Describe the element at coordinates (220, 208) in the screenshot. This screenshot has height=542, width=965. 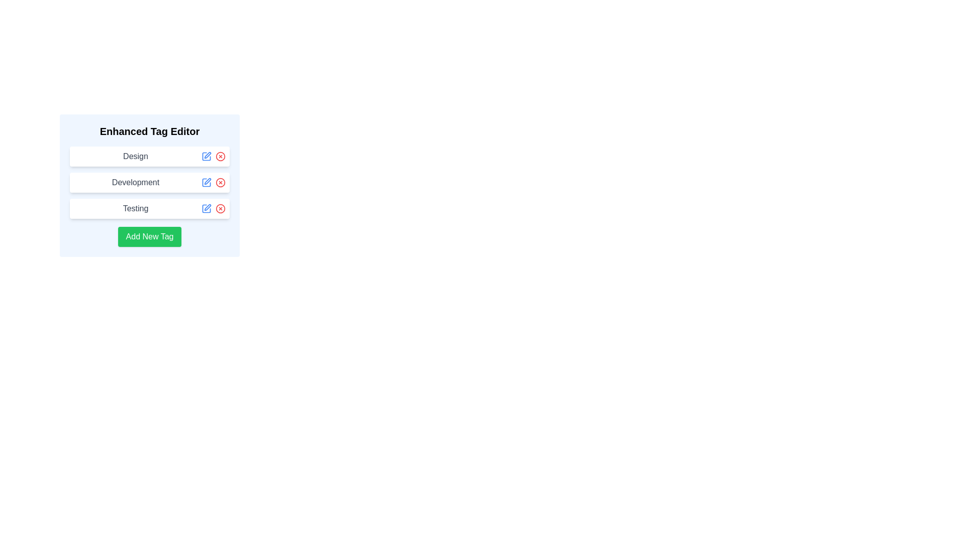
I see `the circular-shaped icon with a red border and an X symbol located in the 'Testing' row of the 'Enhanced Tag Editor' UI` at that location.